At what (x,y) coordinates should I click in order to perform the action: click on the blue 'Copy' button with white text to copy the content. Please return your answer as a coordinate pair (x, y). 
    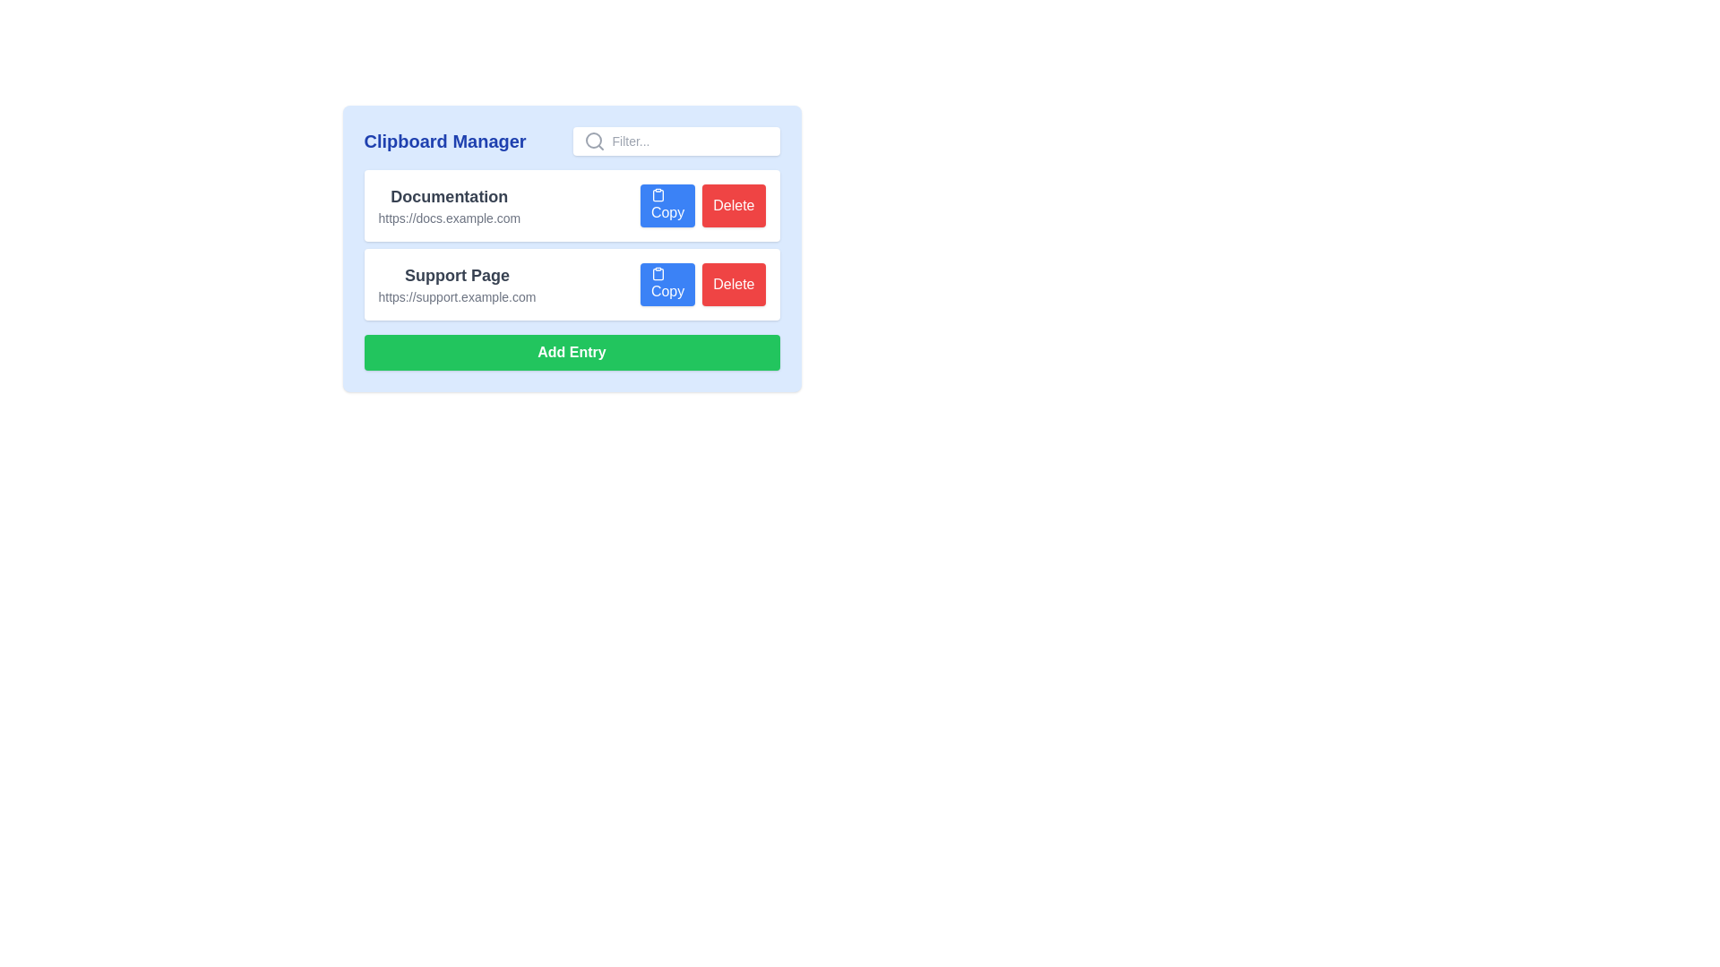
    Looking at the image, I should click on (666, 283).